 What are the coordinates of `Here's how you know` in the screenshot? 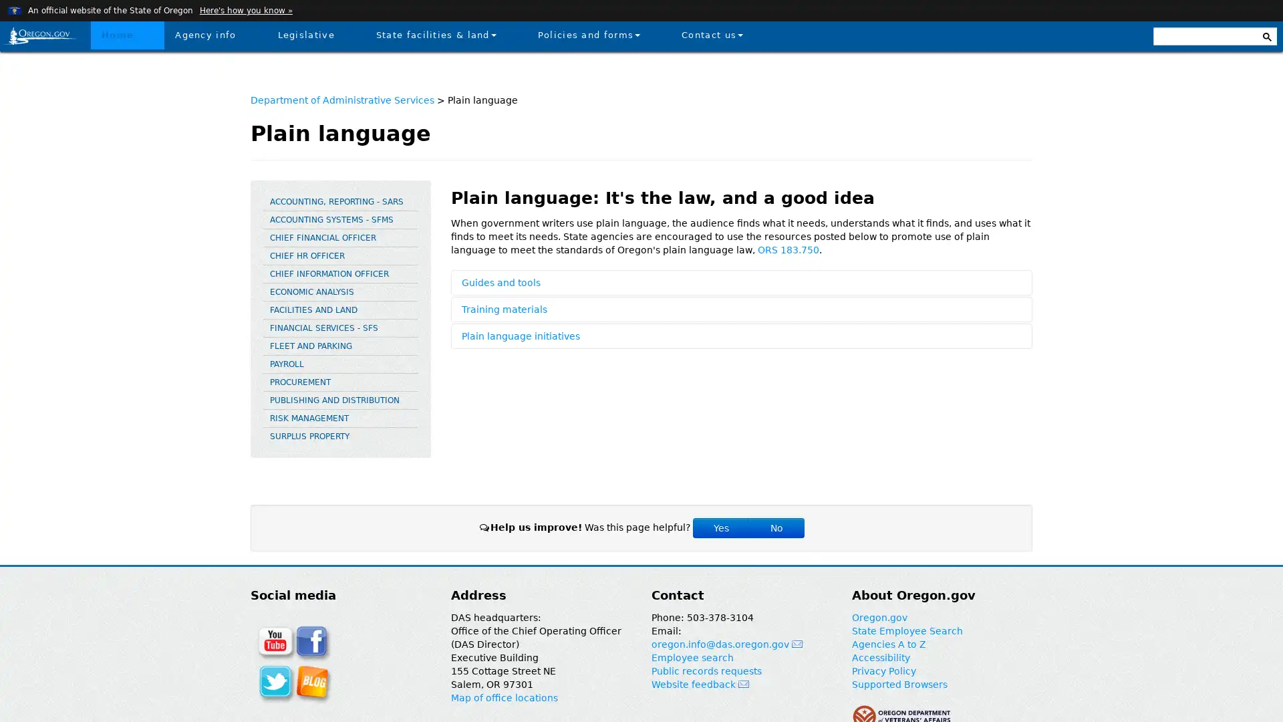 It's located at (245, 10).